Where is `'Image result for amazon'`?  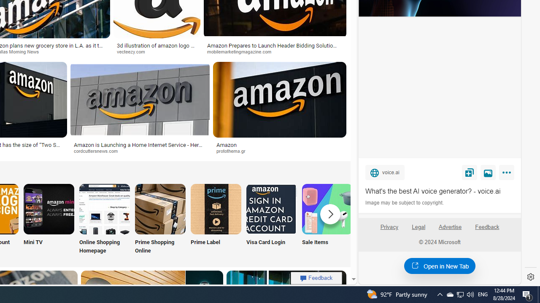 'Image result for amazon' is located at coordinates (280, 99).